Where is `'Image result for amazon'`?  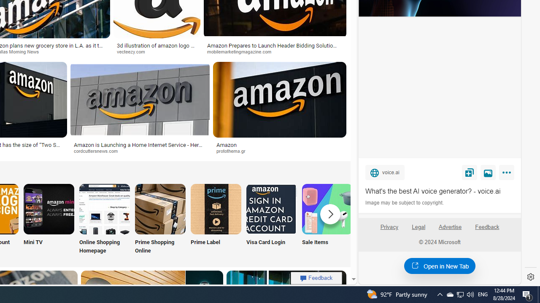 'Image result for amazon' is located at coordinates (280, 99).